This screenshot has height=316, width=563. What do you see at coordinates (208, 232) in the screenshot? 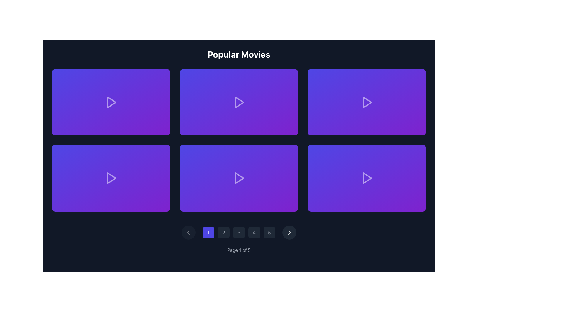
I see `the square button displaying the number '1' in white text on a vibrant indigo background` at bounding box center [208, 232].